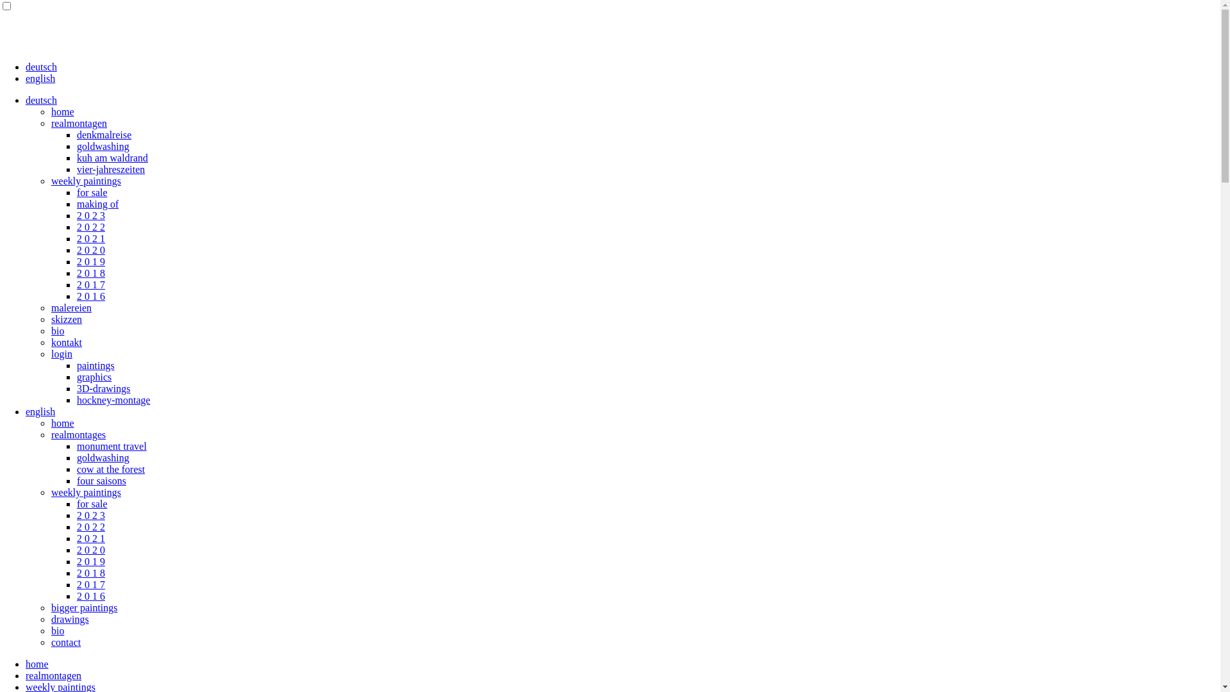 The width and height of the screenshot is (1230, 692). Describe the element at coordinates (61, 423) in the screenshot. I see `'home'` at that location.